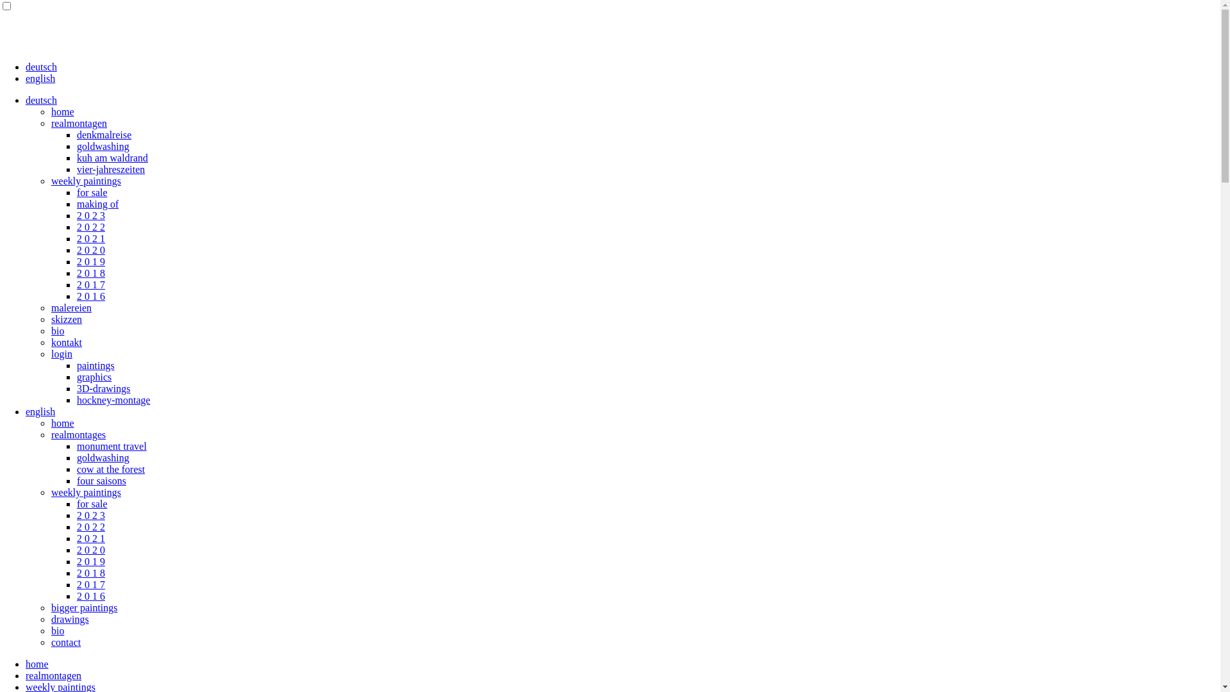 The width and height of the screenshot is (1230, 692). Describe the element at coordinates (61, 423) in the screenshot. I see `'home'` at that location.